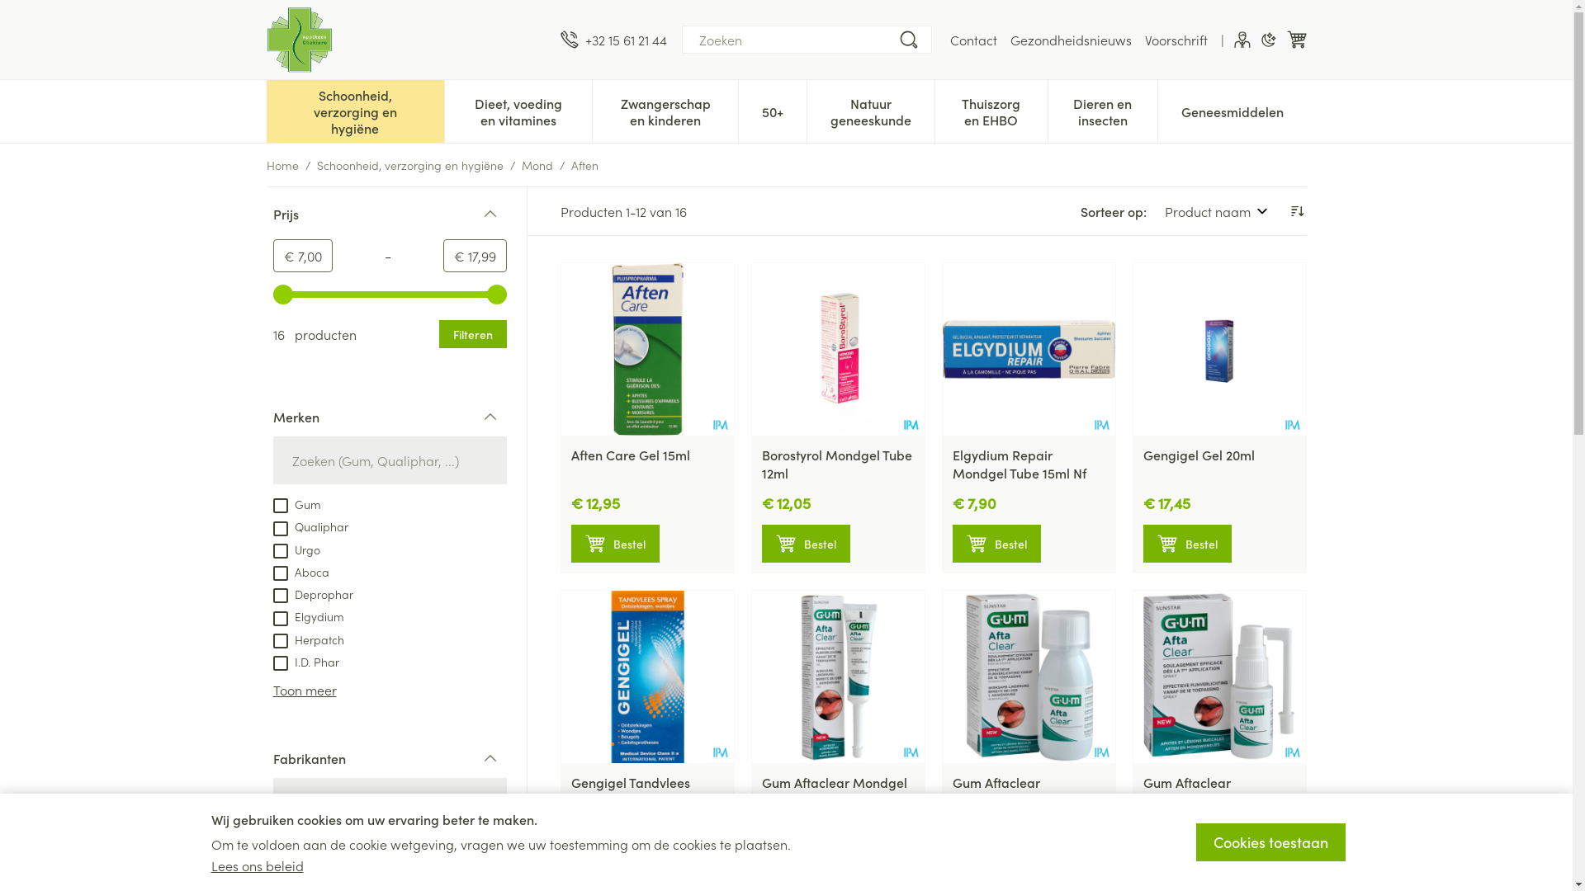 The height and width of the screenshot is (891, 1585). I want to click on 'Lees ons beleid', so click(257, 865).